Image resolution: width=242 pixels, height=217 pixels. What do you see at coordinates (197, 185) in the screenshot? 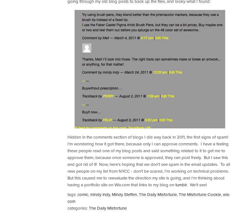
I see `'We'll see!'` at bounding box center [197, 185].